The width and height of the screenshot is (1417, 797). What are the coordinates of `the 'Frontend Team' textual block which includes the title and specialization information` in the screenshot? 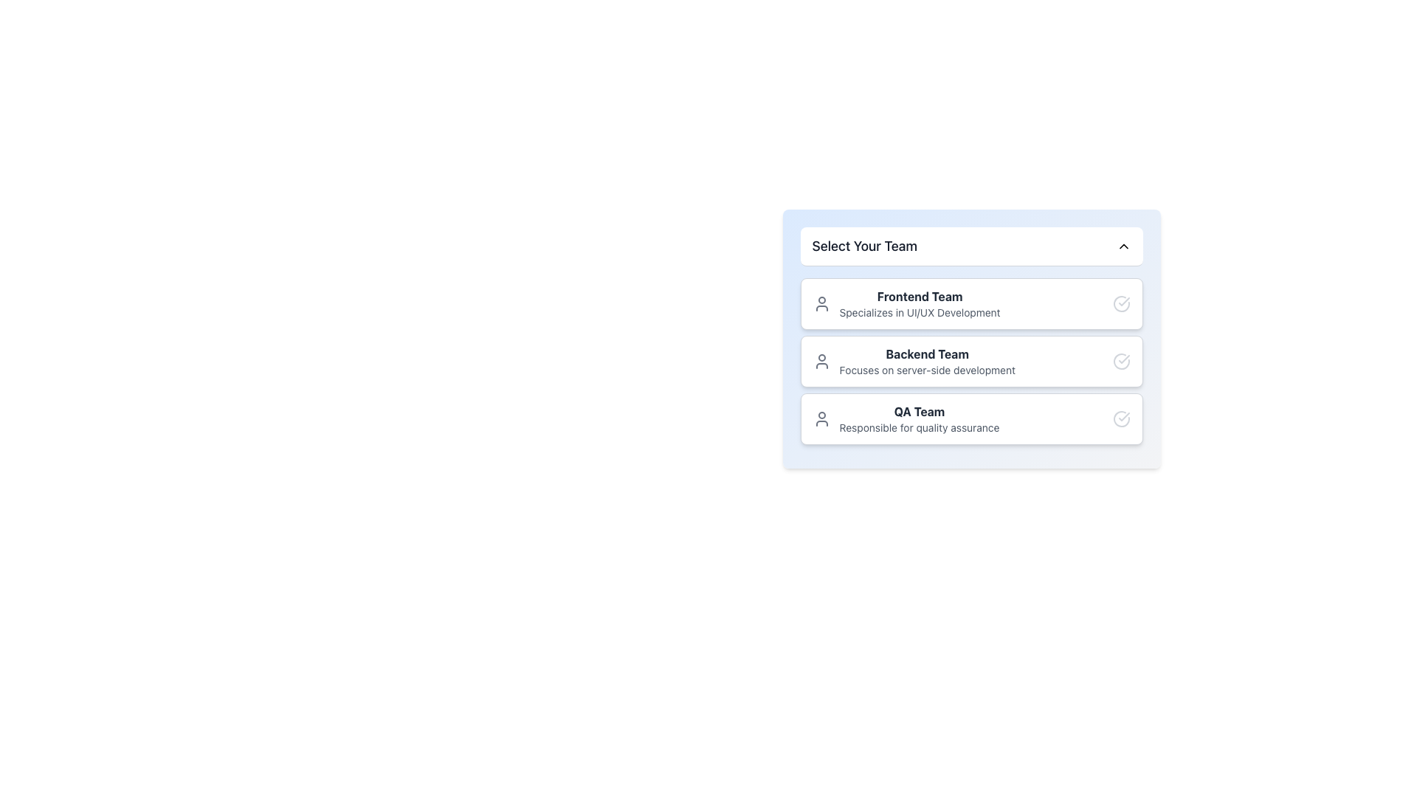 It's located at (906, 303).